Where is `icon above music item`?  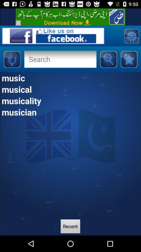 icon above music item is located at coordinates (129, 59).